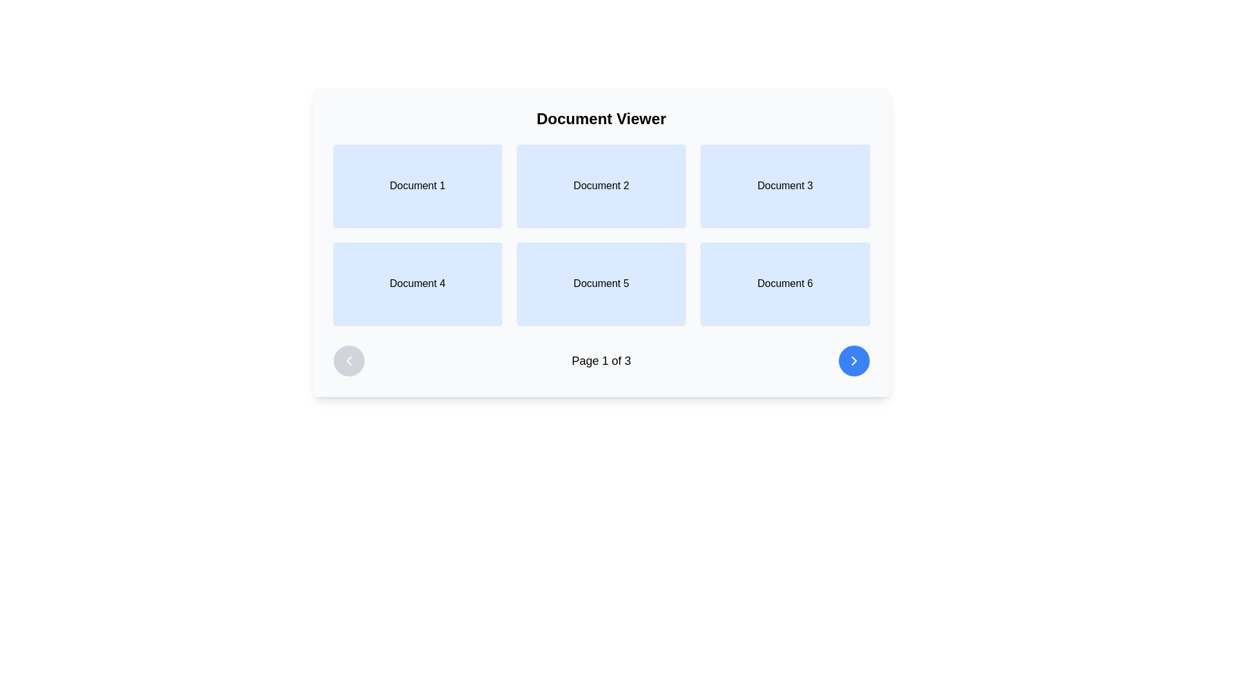  I want to click on the Text Label displaying 'Page 1 of 3', which is centrally positioned between the left and right navigation buttons and serves as an informational label for page navigation, so click(600, 360).